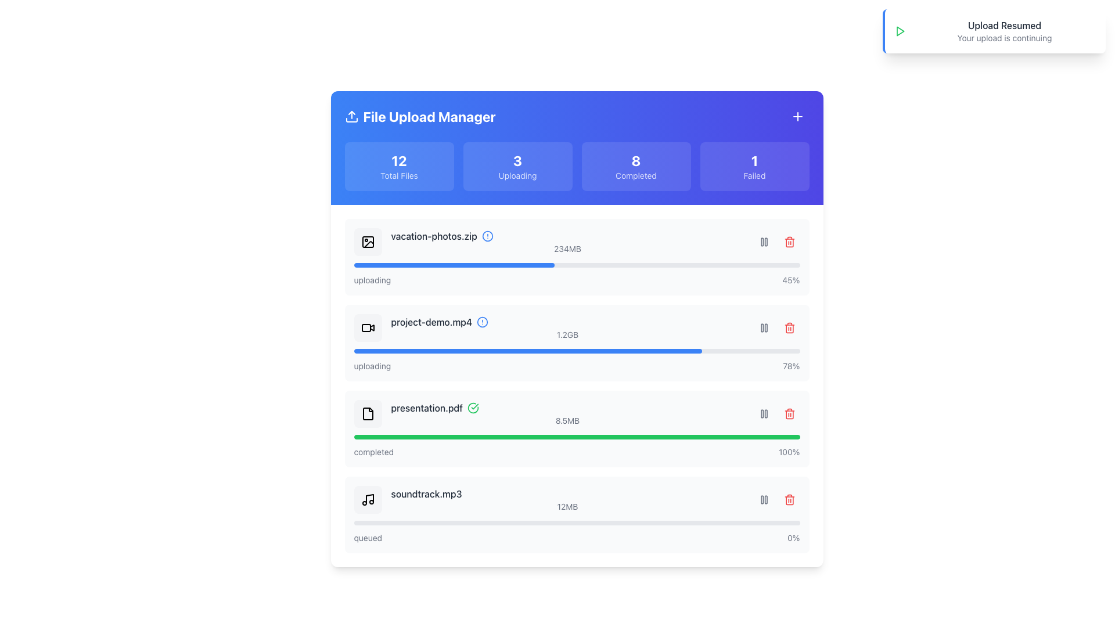 This screenshot has height=627, width=1115. I want to click on the text label displaying '100%' which indicates a completed task, located adjacent to the label 'completed', so click(789, 452).